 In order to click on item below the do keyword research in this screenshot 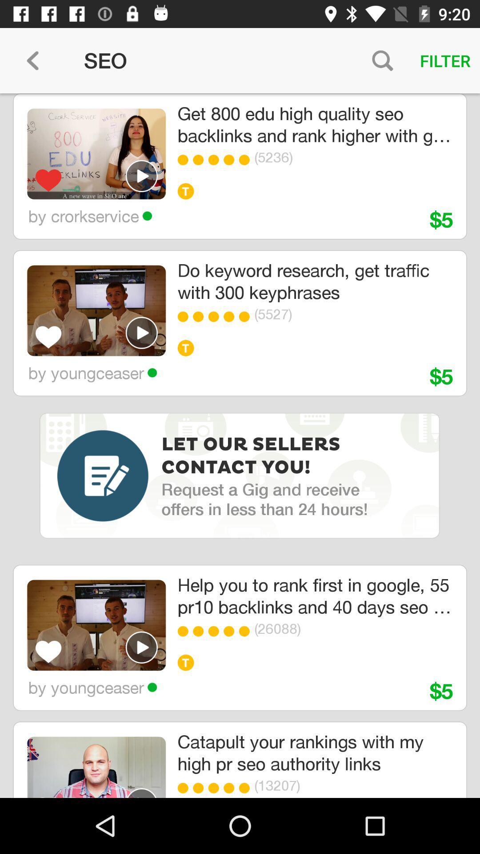, I will do `click(231, 317)`.